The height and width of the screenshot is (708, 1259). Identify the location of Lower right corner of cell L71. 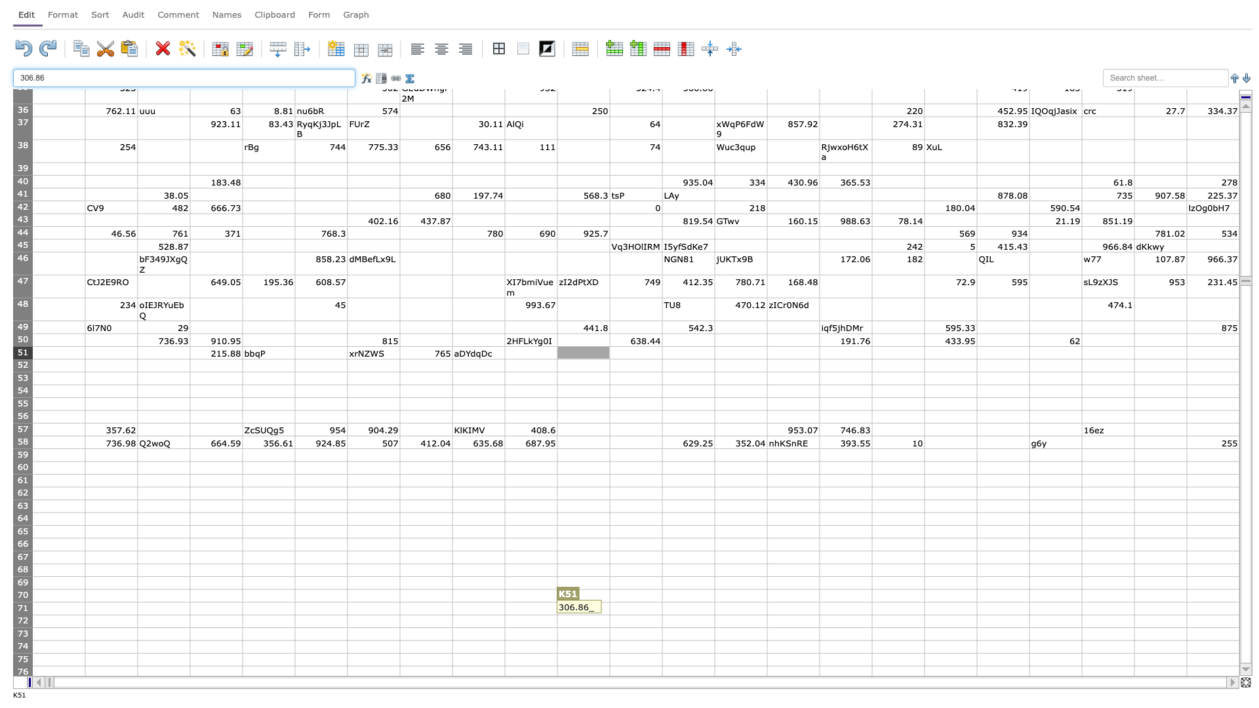
(662, 614).